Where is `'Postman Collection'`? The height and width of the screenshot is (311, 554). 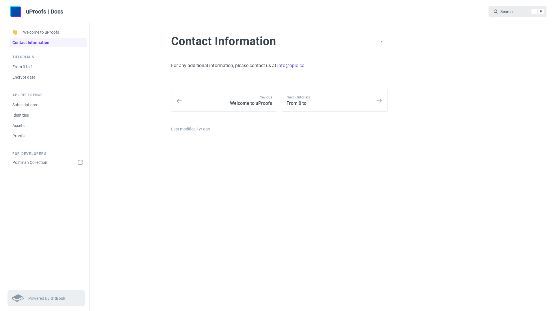 'Postman Collection' is located at coordinates (48, 162).